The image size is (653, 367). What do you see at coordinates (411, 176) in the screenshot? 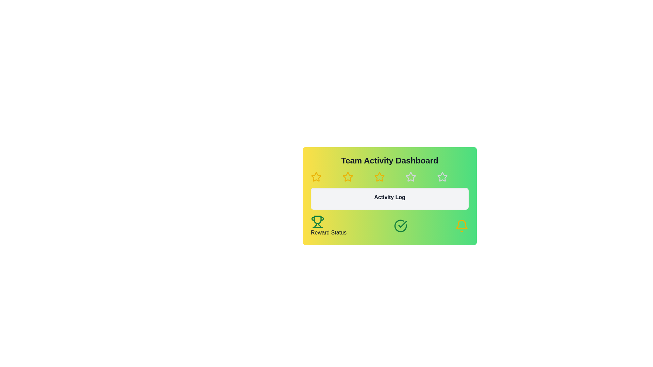
I see `the fourth star icon in the rating selection row below the 'Team Activity Dashboard'` at bounding box center [411, 176].